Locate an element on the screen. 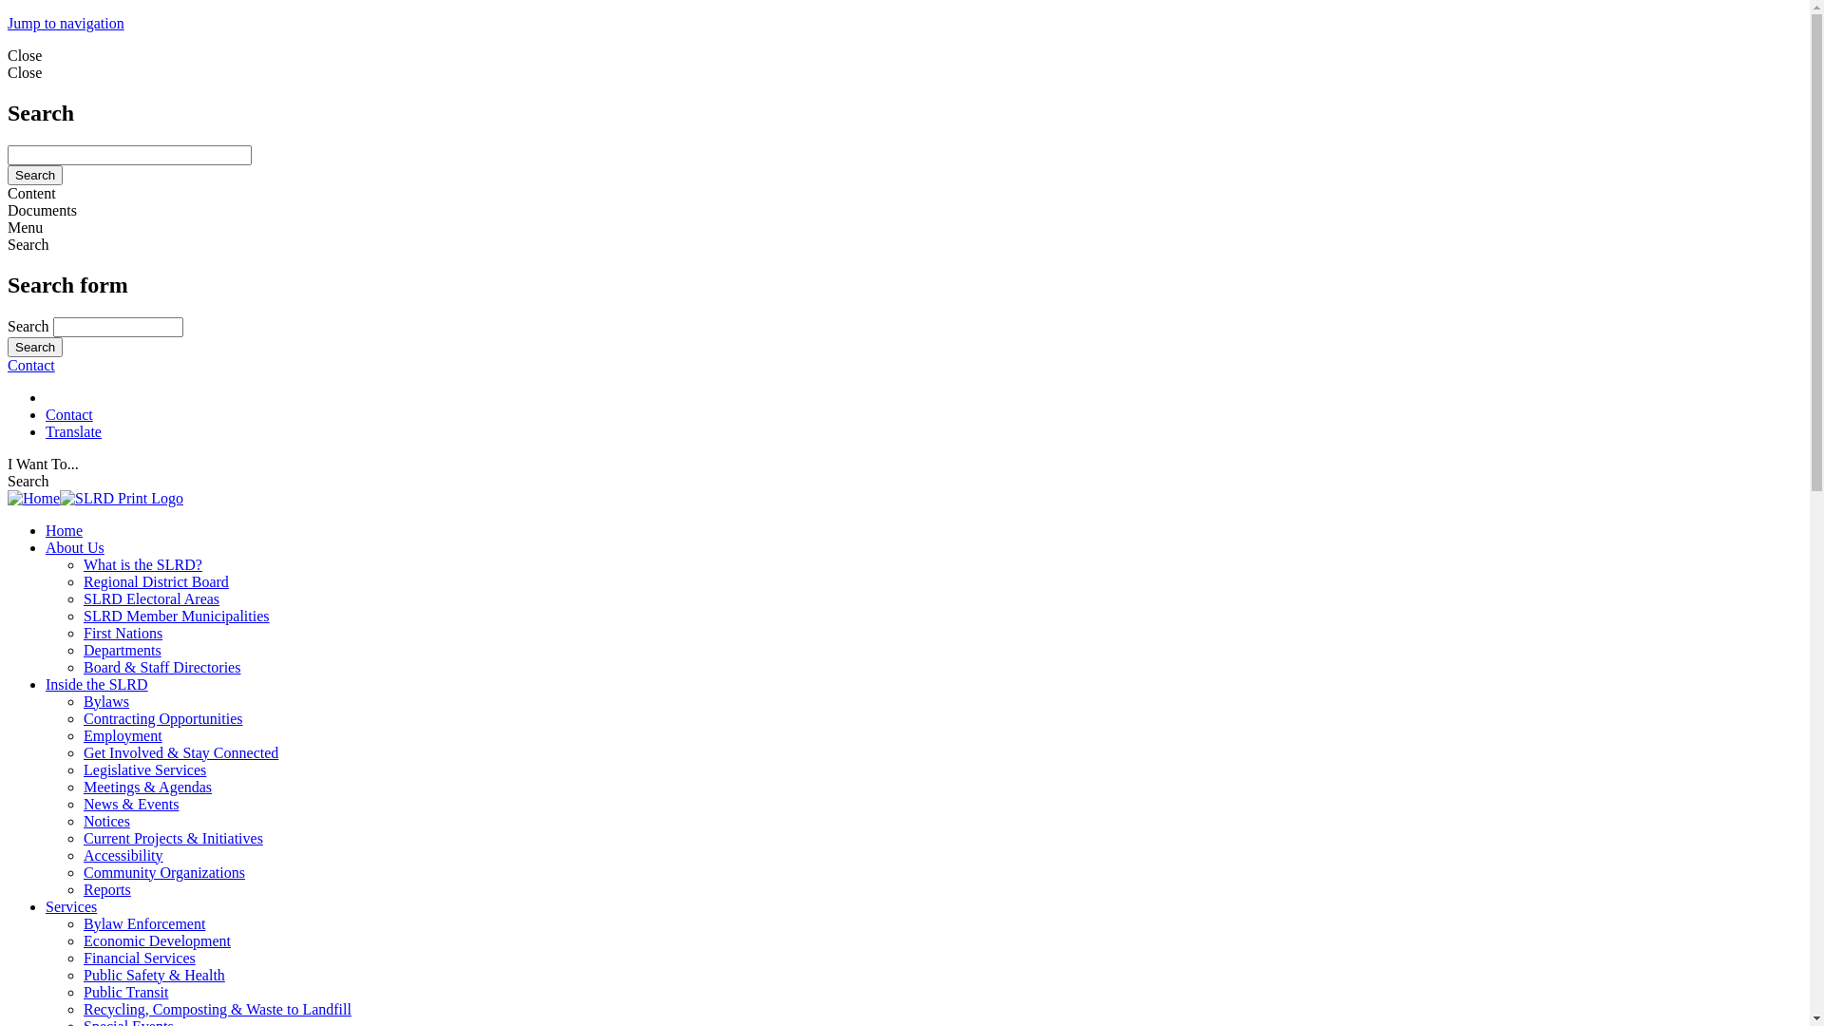 Image resolution: width=1824 pixels, height=1026 pixels. 'Translate' is located at coordinates (73, 431).